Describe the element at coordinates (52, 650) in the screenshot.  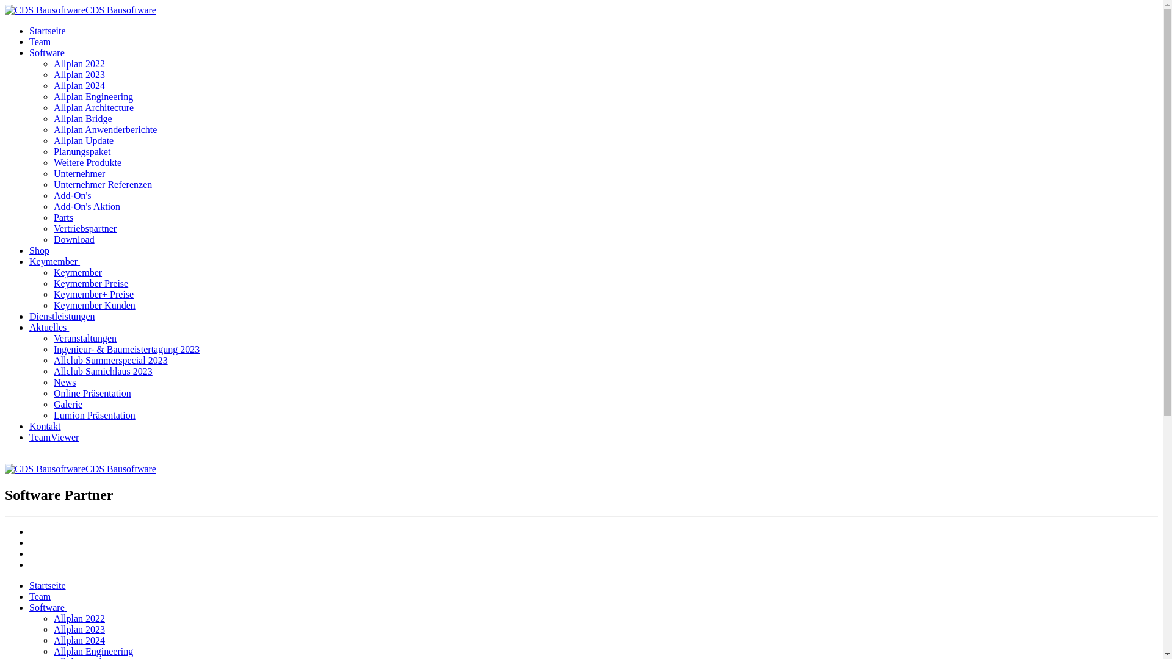
I see `'Allplan Engineering'` at that location.